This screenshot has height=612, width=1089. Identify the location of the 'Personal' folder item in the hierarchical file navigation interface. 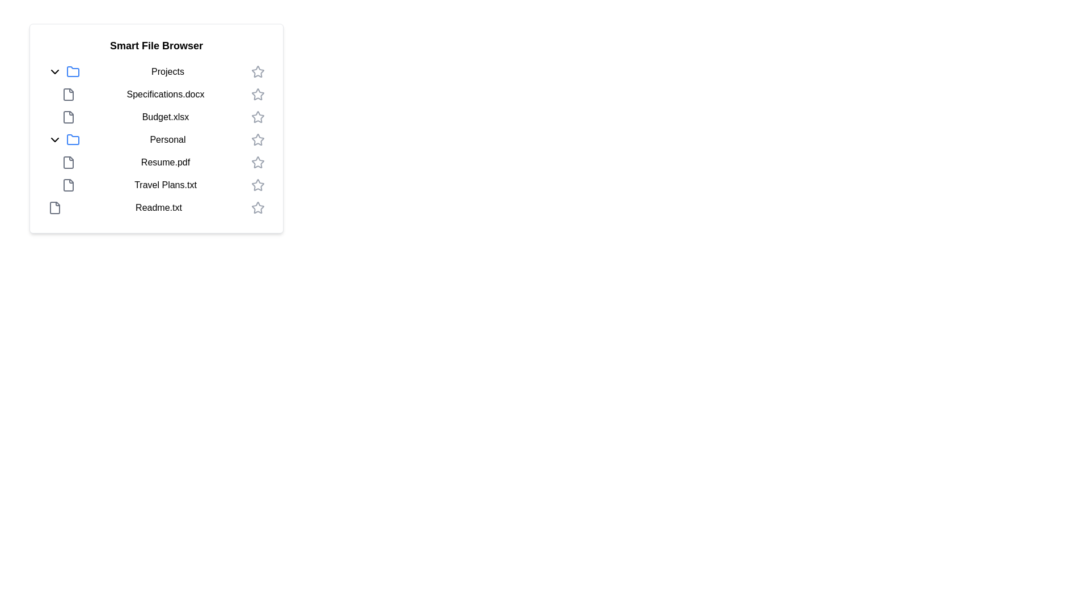
(155, 139).